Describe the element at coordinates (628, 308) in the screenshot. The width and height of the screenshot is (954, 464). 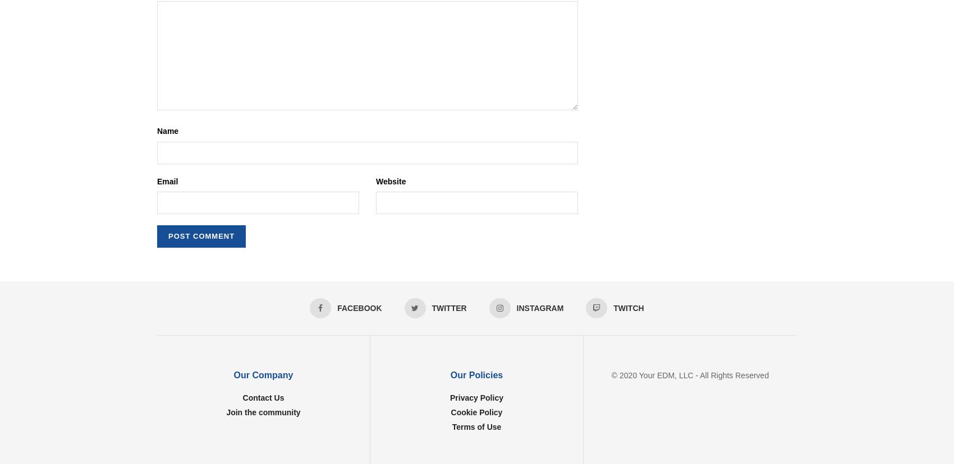
I see `'Twitch'` at that location.